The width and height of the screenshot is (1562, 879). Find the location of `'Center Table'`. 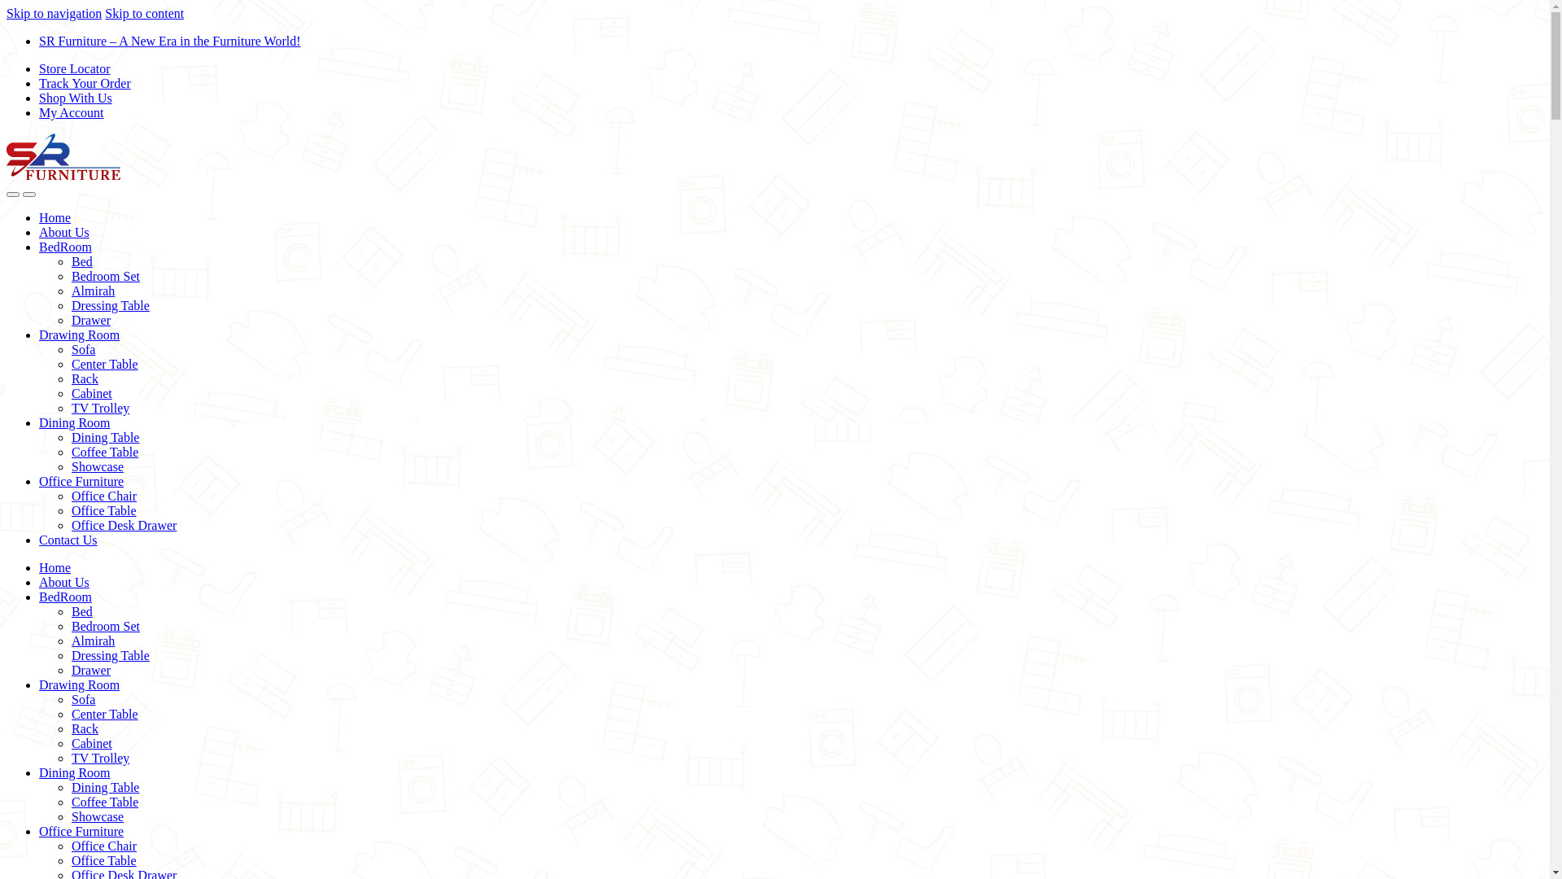

'Center Table' is located at coordinates (104, 713).